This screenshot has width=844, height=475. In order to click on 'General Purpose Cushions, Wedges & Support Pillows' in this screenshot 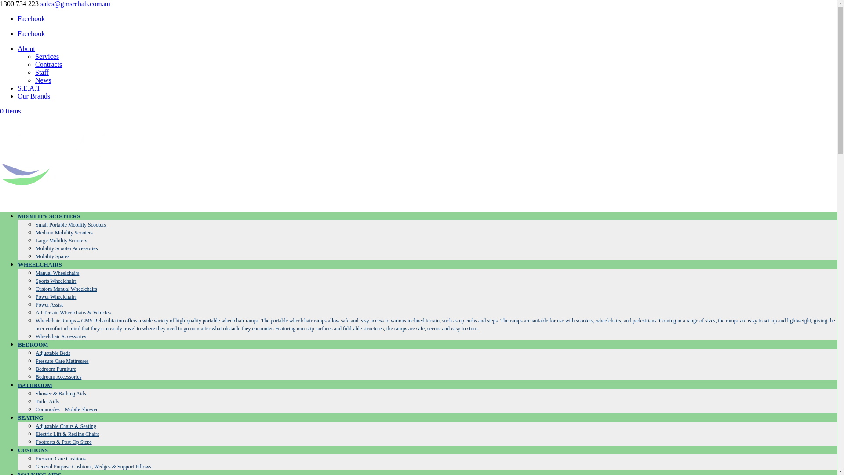, I will do `click(35, 466)`.